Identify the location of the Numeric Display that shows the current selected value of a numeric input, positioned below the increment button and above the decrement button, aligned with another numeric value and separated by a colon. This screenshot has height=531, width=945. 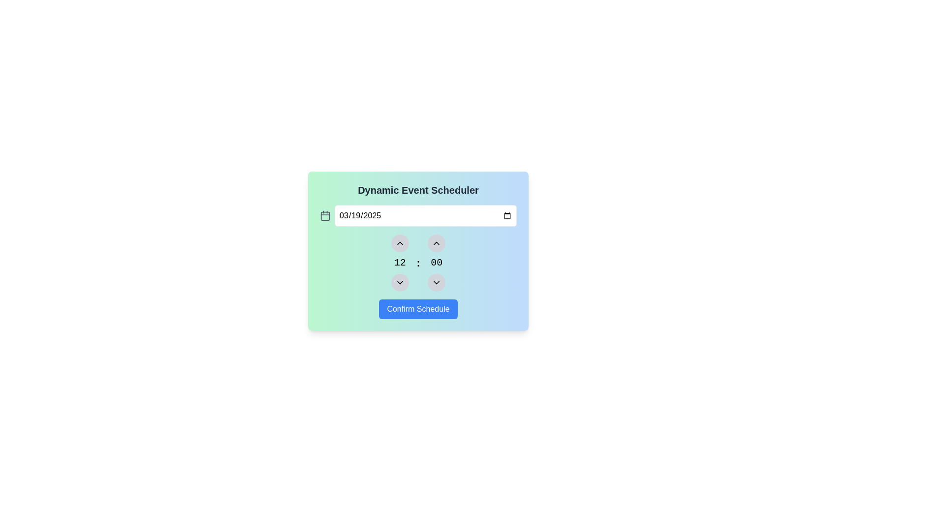
(436, 263).